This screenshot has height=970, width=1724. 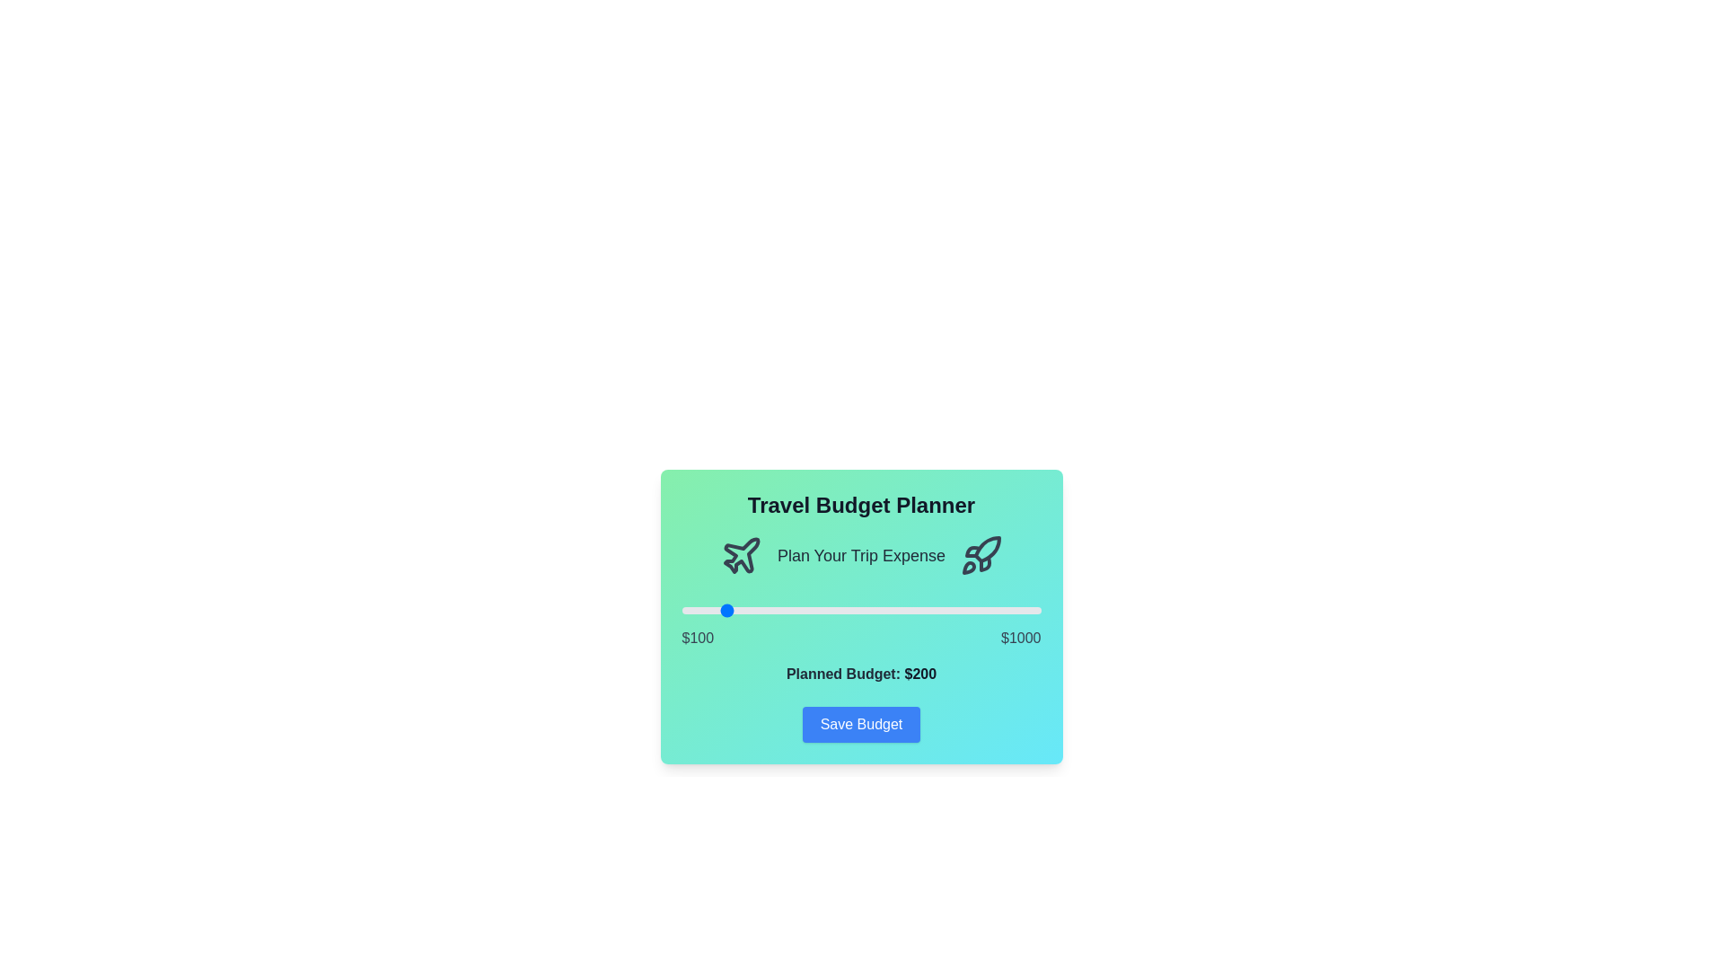 What do you see at coordinates (876, 609) in the screenshot?
I see `the budget slider to set the budget to 588` at bounding box center [876, 609].